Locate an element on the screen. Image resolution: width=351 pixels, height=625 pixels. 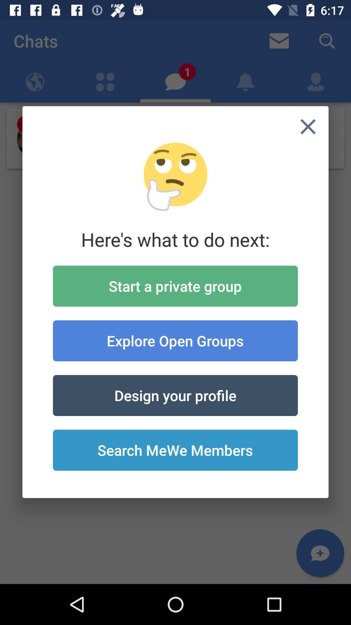
icon below here s what item is located at coordinates (175, 286).